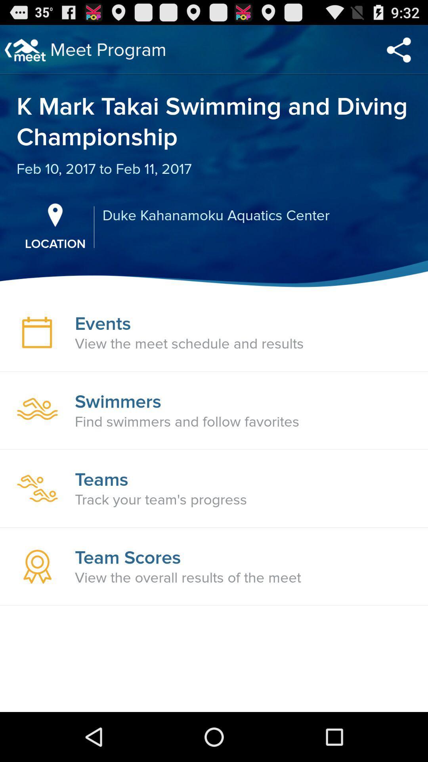  Describe the element at coordinates (399, 49) in the screenshot. I see `the item above the k mark takai icon` at that location.